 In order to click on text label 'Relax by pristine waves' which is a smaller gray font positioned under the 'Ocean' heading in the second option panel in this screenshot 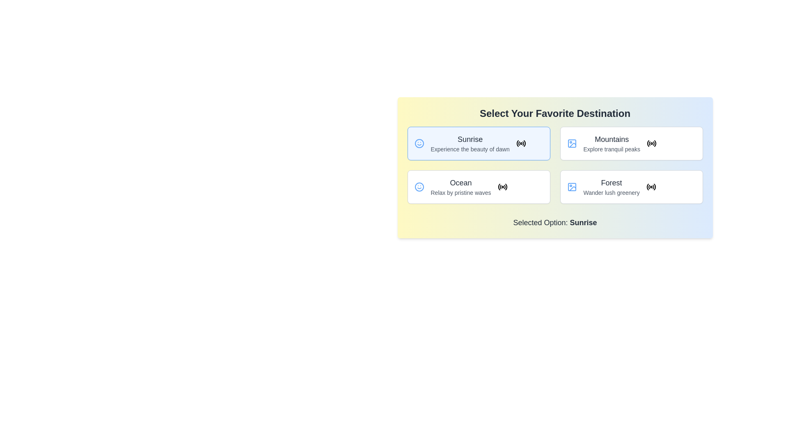, I will do `click(461, 193)`.